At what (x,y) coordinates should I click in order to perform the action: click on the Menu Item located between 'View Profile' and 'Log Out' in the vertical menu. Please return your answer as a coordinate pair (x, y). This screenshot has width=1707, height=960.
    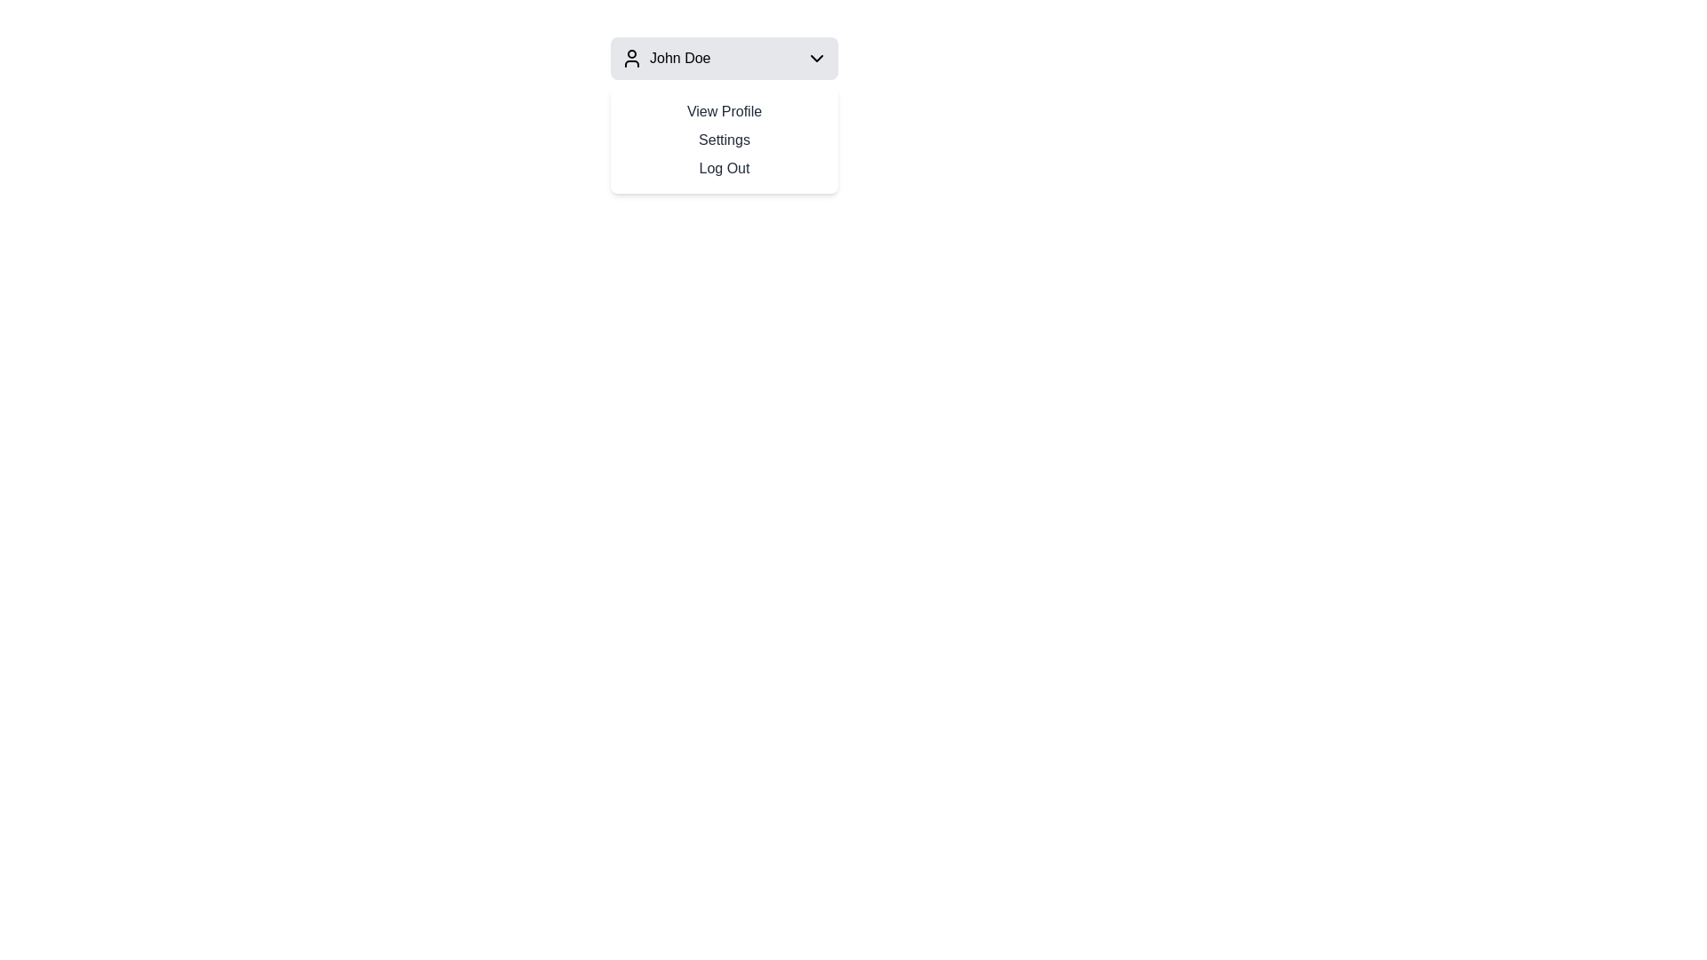
    Looking at the image, I should click on (725, 140).